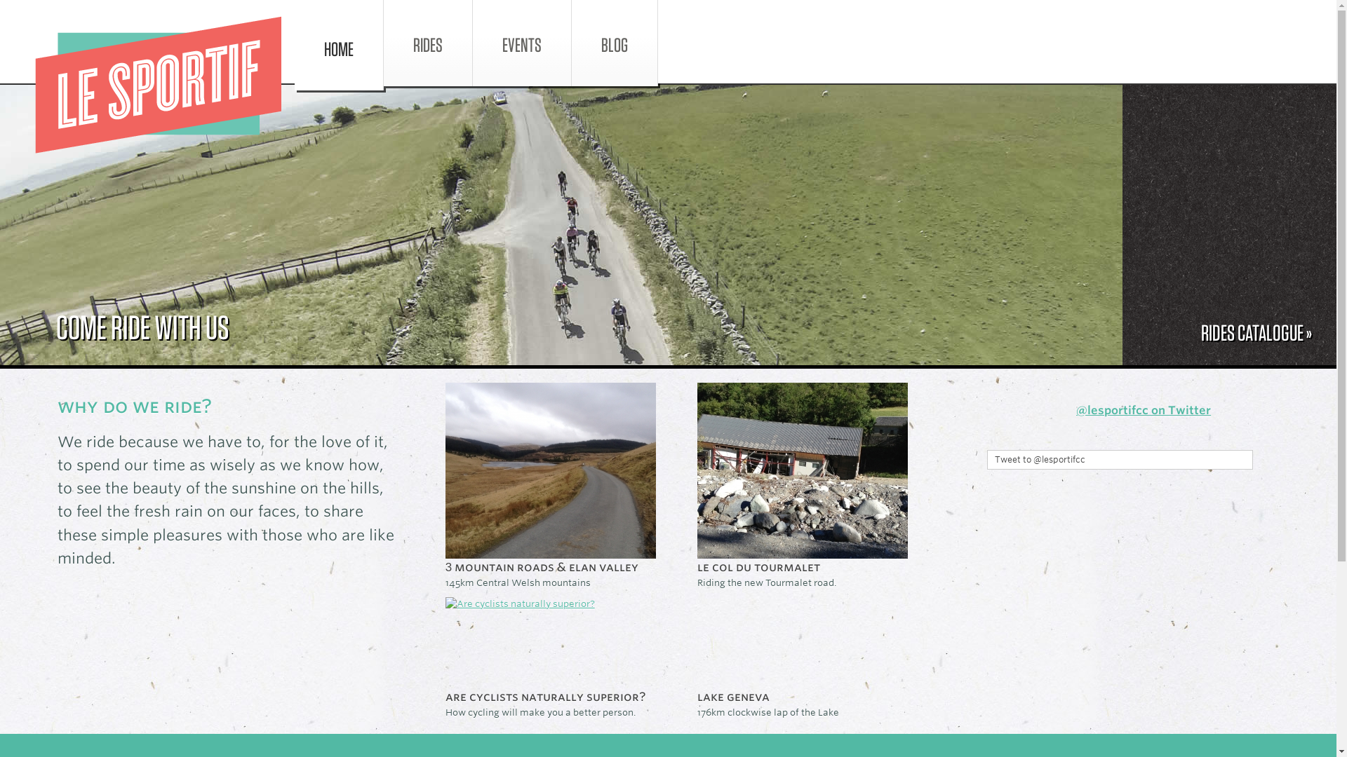  Describe the element at coordinates (158, 84) in the screenshot. I see `'Le Sportif'` at that location.